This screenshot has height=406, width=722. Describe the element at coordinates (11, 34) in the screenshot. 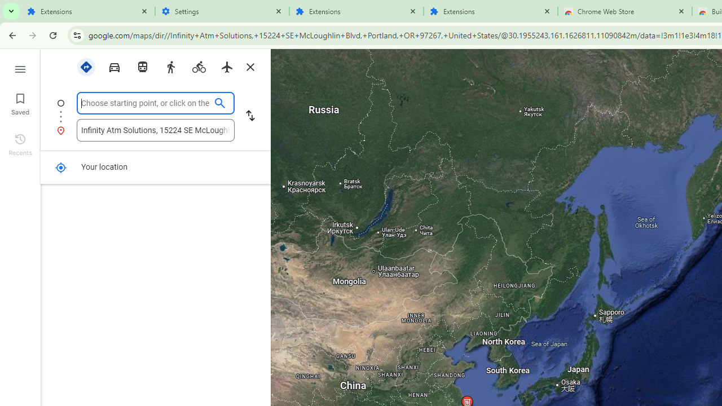

I see `'Back'` at that location.